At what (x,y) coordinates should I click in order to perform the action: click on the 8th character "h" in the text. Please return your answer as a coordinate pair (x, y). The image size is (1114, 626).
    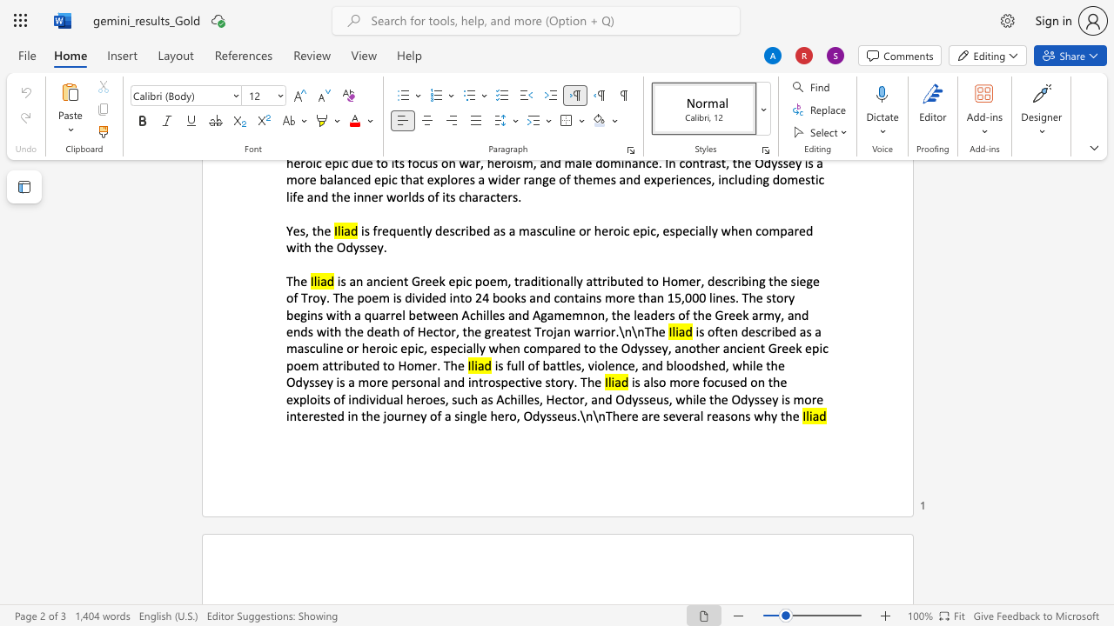
    Looking at the image, I should click on (493, 416).